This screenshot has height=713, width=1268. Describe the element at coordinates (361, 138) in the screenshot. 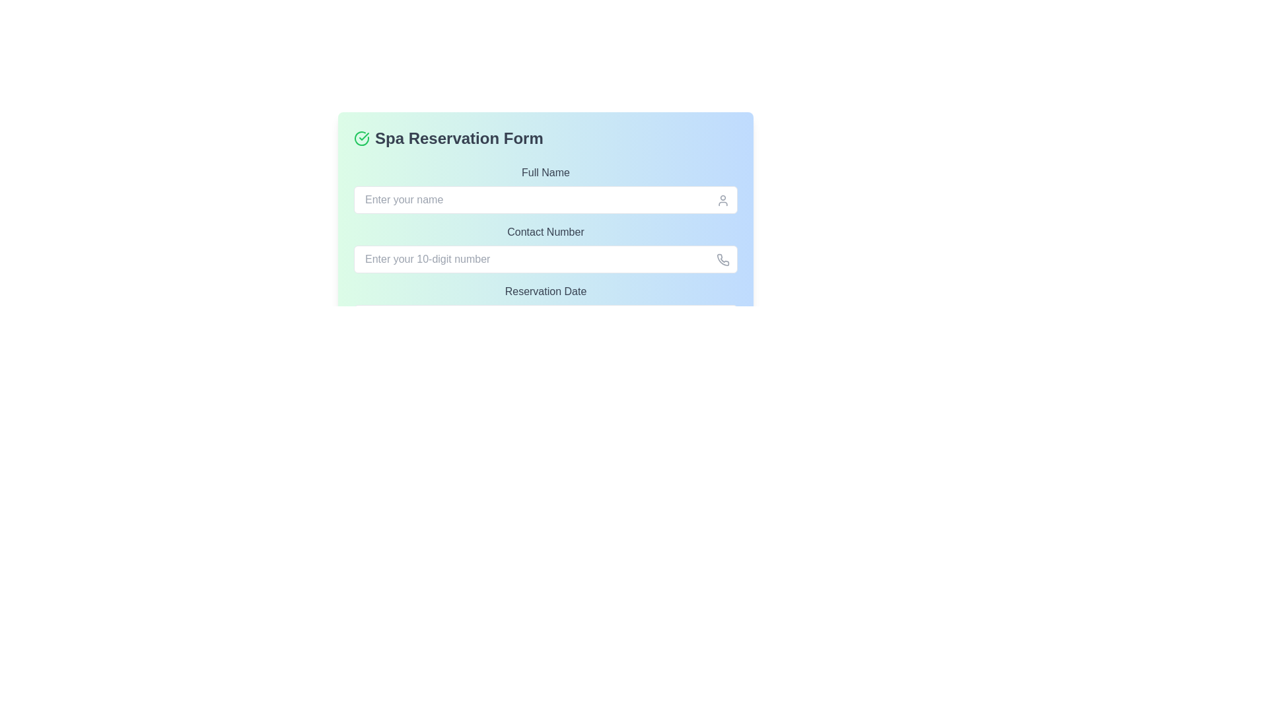

I see `the circular green icon with a checkmark inside it, which is located to the immediate left of the text 'Spa Reservation Form' in the header of the form` at that location.